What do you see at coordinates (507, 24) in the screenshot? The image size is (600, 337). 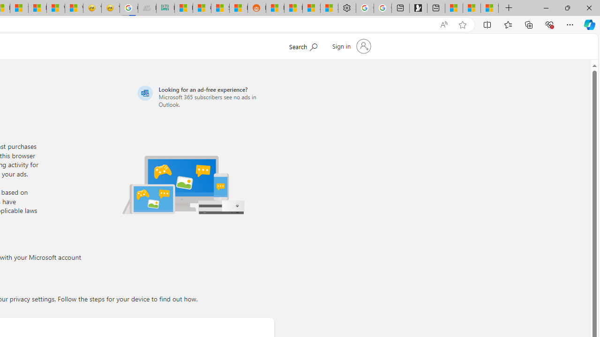 I see `'Favorites'` at bounding box center [507, 24].